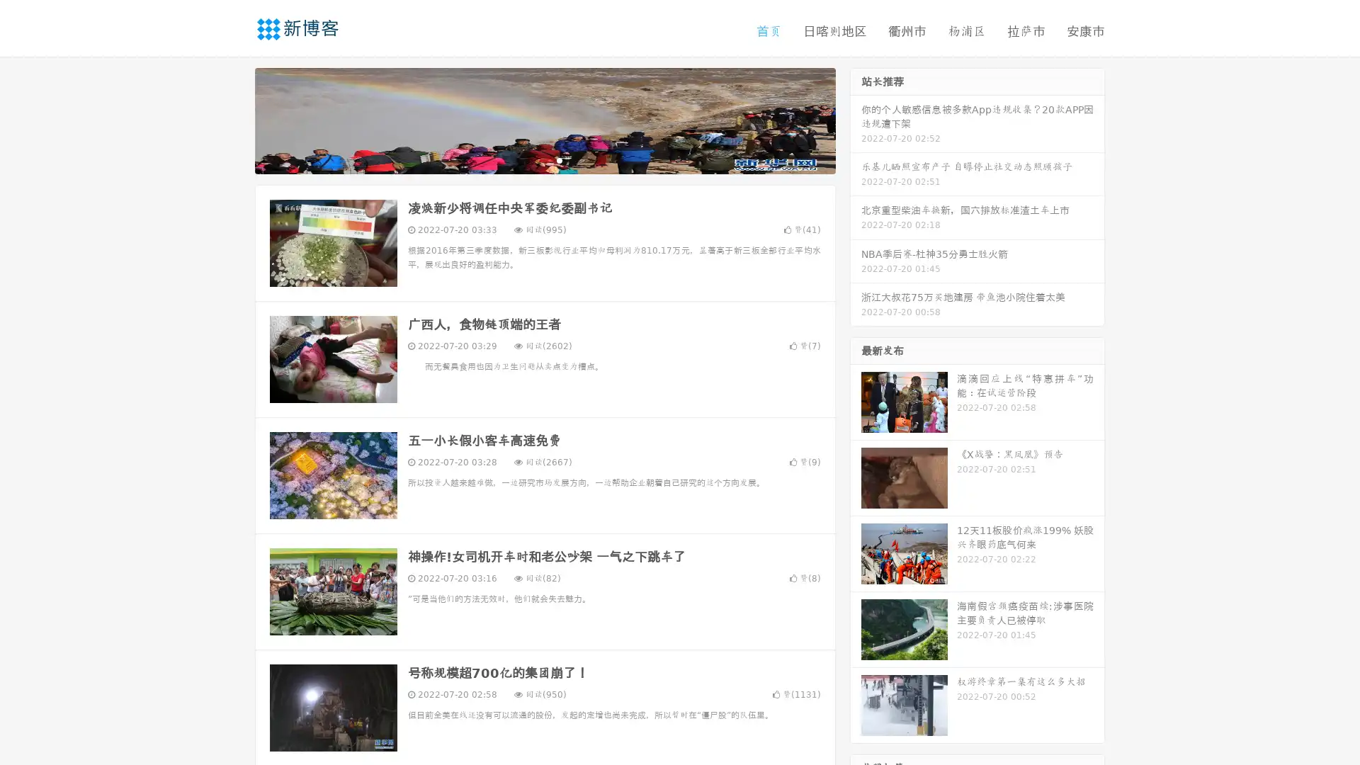 Image resolution: width=1360 pixels, height=765 pixels. What do you see at coordinates (544, 159) in the screenshot?
I see `Go to slide 2` at bounding box center [544, 159].